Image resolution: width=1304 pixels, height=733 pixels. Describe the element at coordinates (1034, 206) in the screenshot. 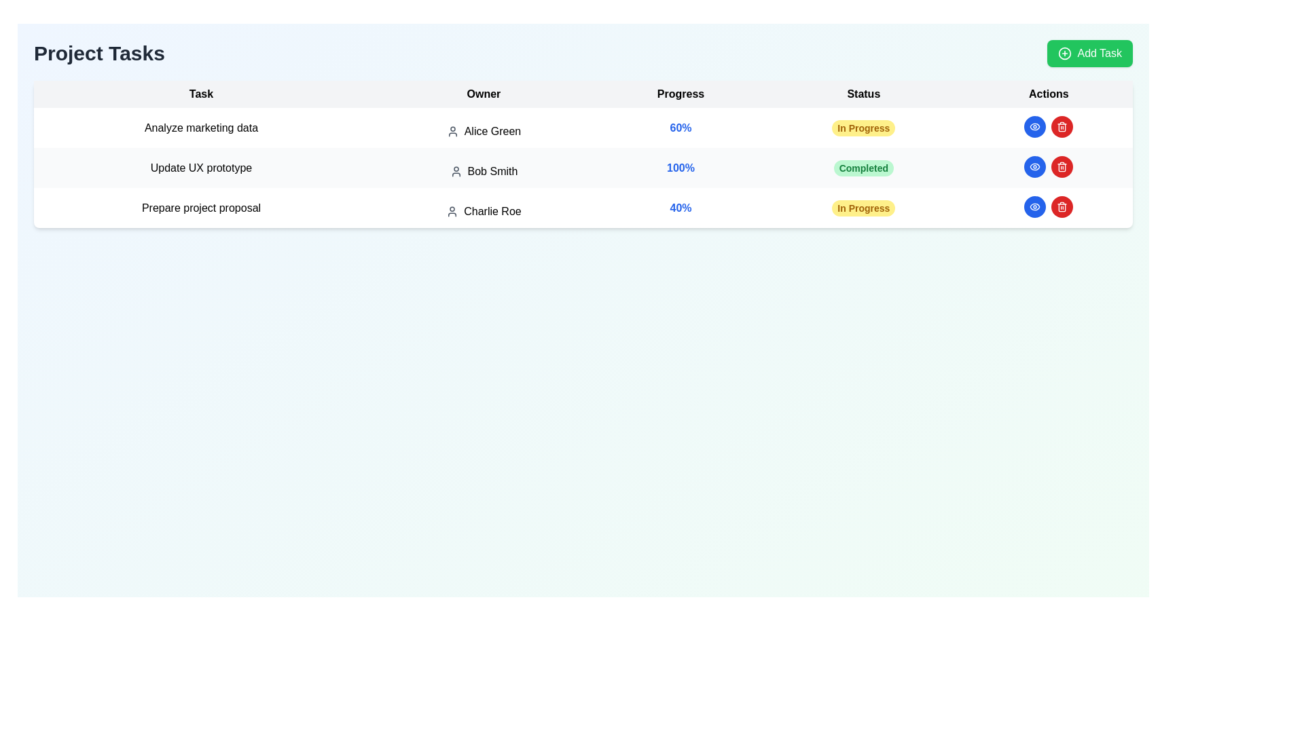

I see `the leftmost button` at that location.